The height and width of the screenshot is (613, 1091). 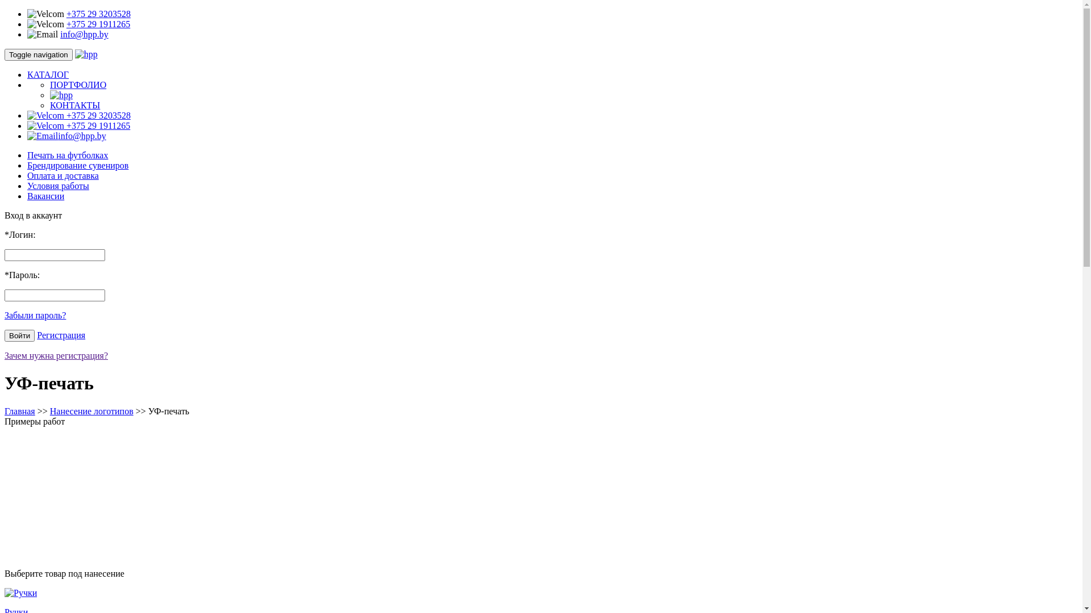 What do you see at coordinates (78, 115) in the screenshot?
I see `'+375 29 3203528'` at bounding box center [78, 115].